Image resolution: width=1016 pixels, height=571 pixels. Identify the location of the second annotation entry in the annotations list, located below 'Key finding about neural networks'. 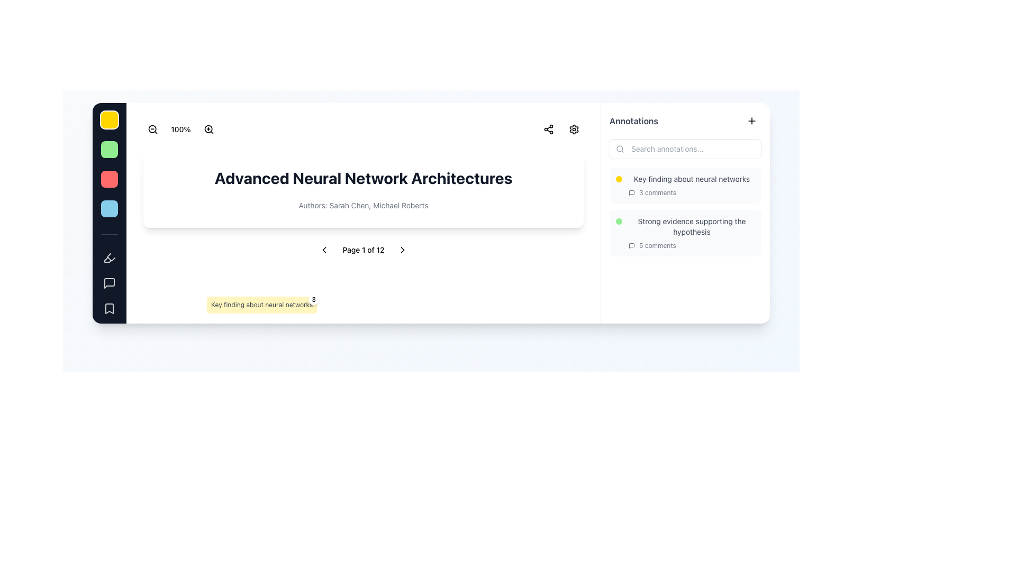
(692, 232).